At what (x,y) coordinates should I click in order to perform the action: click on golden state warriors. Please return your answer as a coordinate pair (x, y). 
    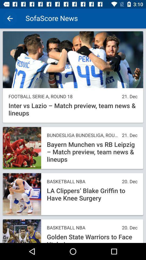
    Looking at the image, I should click on (92, 238).